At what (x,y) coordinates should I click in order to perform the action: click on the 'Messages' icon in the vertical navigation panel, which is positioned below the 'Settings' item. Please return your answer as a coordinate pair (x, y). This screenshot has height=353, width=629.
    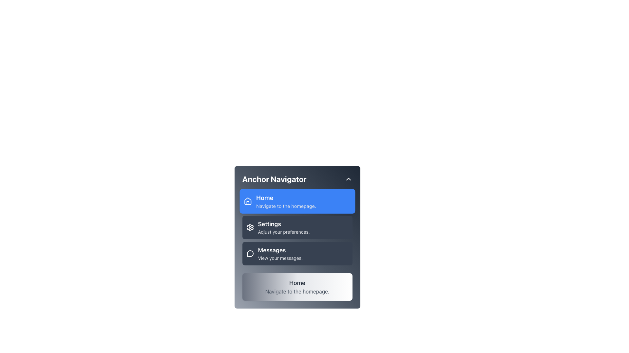
    Looking at the image, I should click on (250, 253).